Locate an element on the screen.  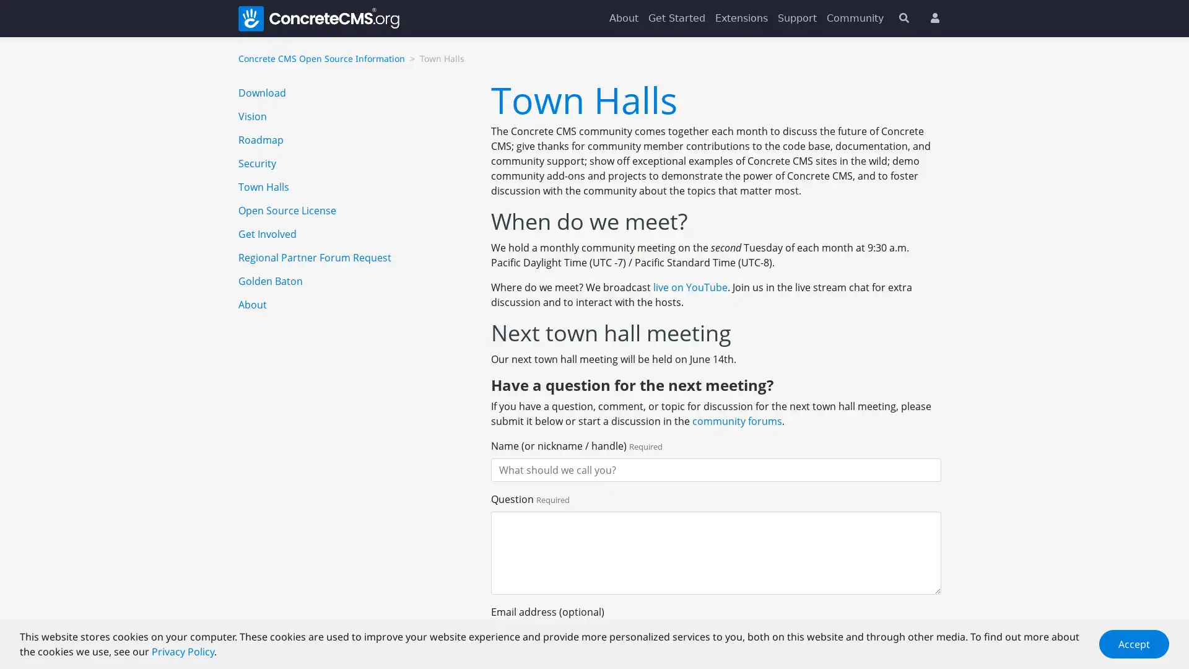
Accept is located at coordinates (1134, 644).